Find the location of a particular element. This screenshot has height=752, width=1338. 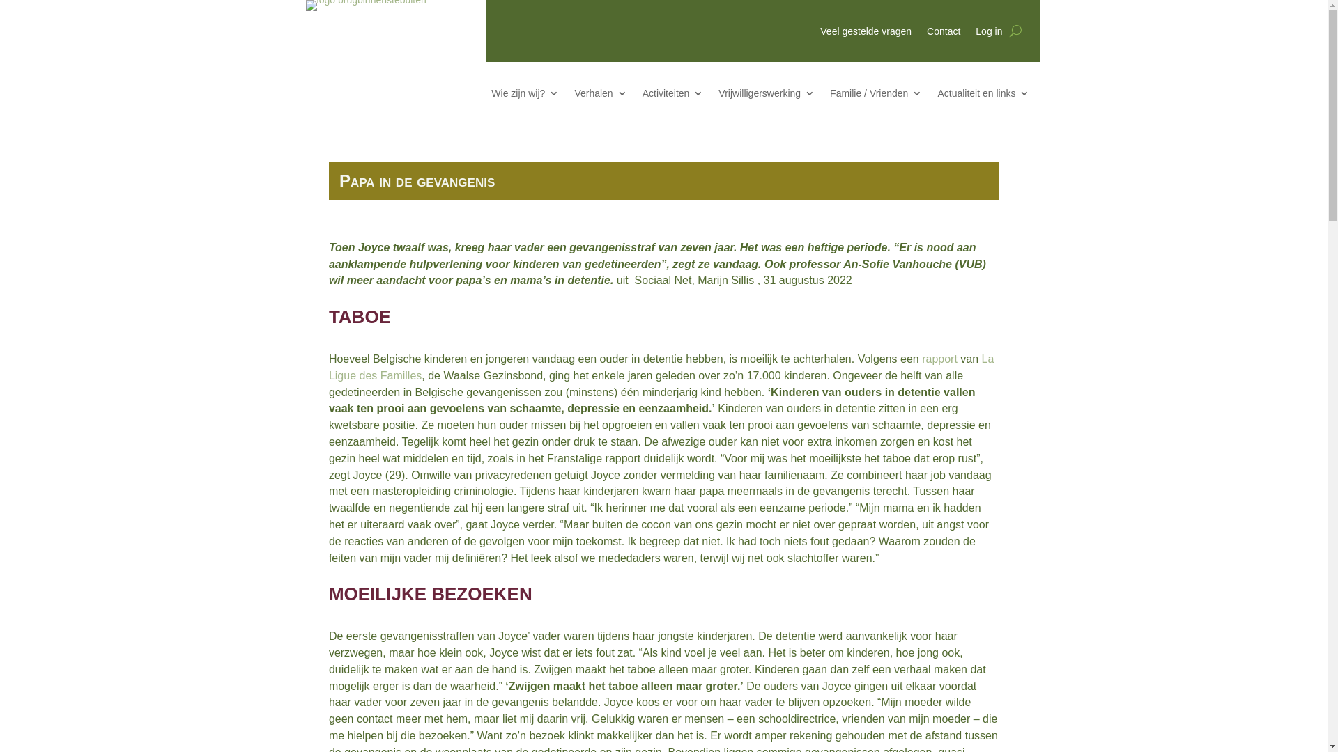

'La Ligue des Familles' is located at coordinates (328, 366).